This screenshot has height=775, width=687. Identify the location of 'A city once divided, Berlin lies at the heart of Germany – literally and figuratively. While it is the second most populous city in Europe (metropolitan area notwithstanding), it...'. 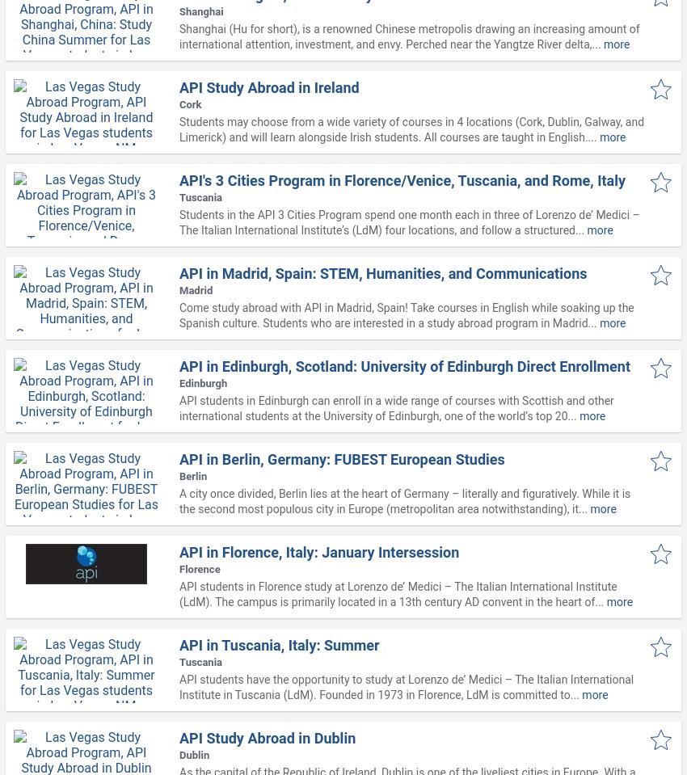
(404, 501).